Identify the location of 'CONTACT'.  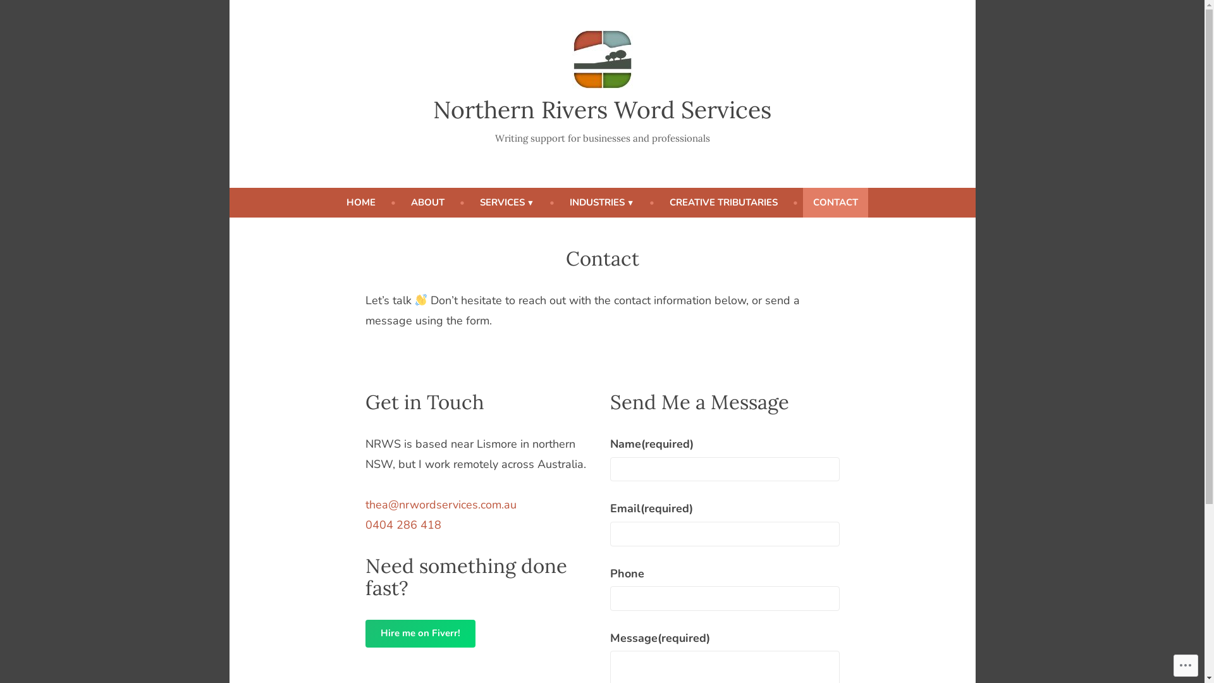
(835, 202).